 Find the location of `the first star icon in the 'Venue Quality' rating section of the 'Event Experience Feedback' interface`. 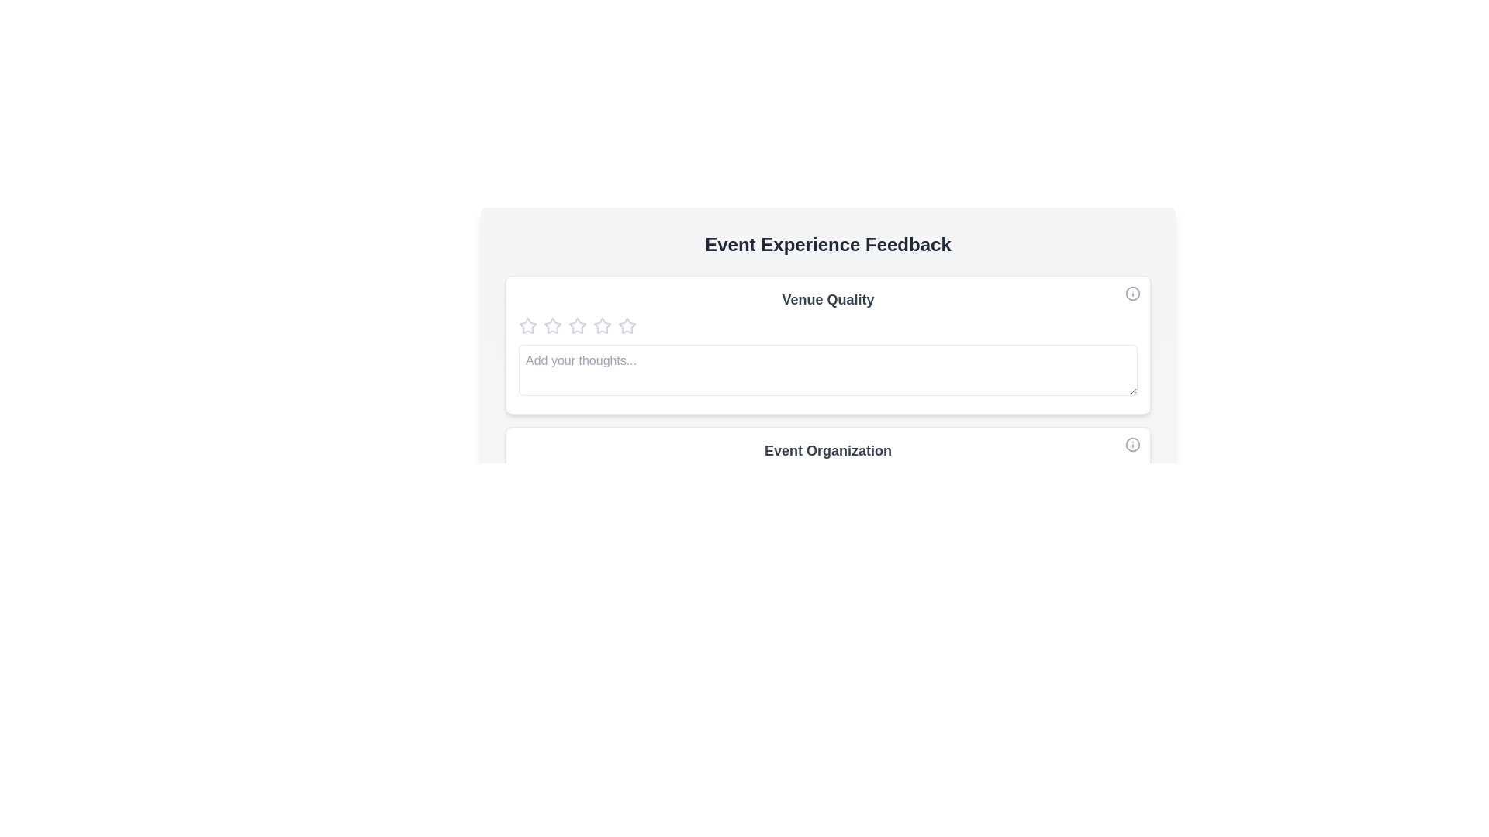

the first star icon in the 'Venue Quality' rating section of the 'Event Experience Feedback' interface is located at coordinates (528, 325).